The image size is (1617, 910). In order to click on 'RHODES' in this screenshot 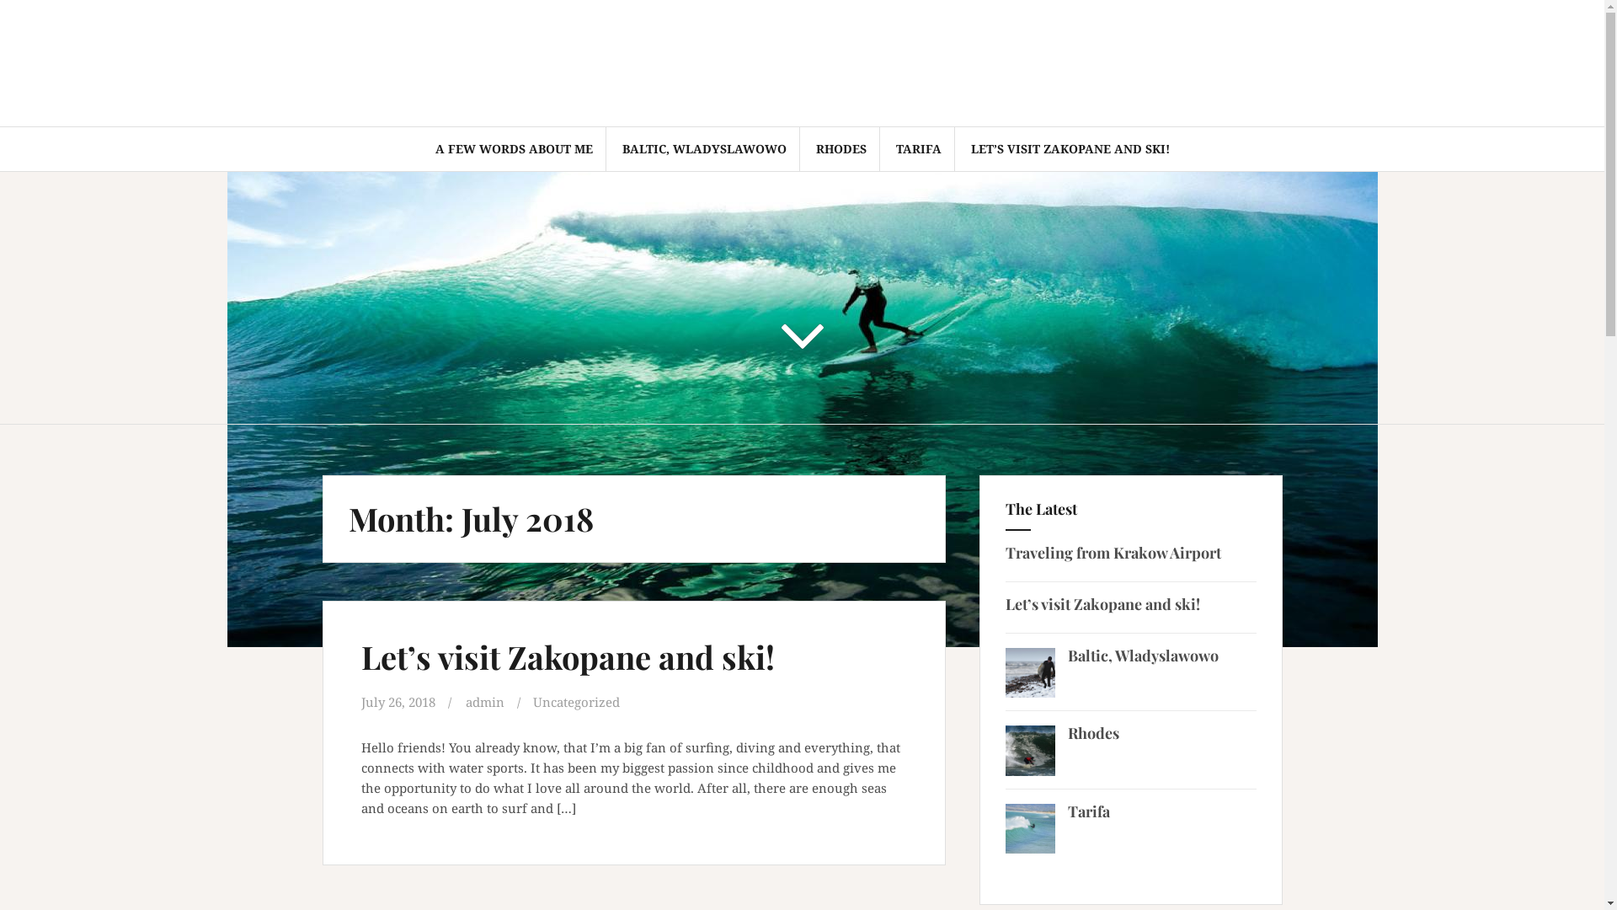, I will do `click(841, 148)`.